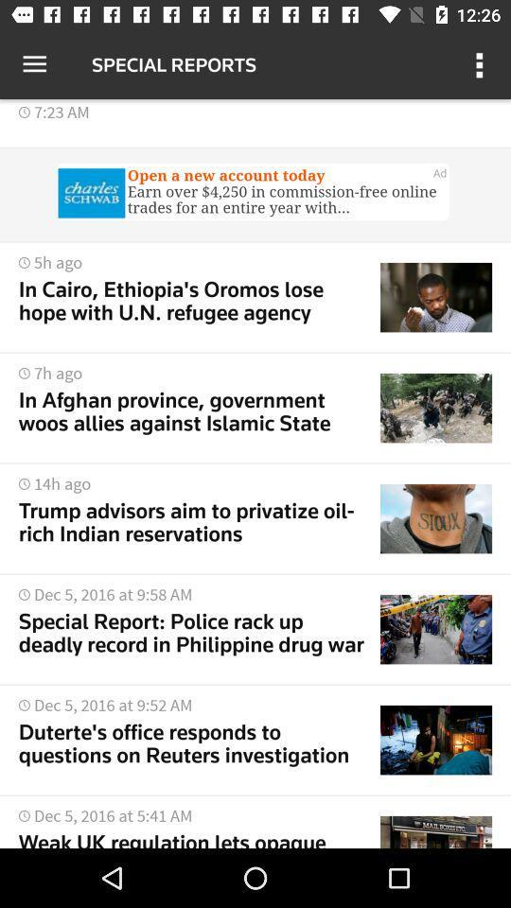  Describe the element at coordinates (255, 194) in the screenshot. I see `advertisement` at that location.